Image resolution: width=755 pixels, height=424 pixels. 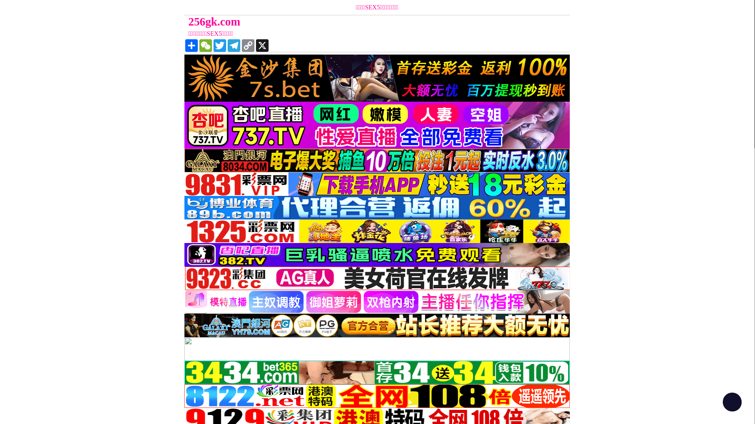 What do you see at coordinates (198, 45) in the screenshot?
I see `'WeChat'` at bounding box center [198, 45].